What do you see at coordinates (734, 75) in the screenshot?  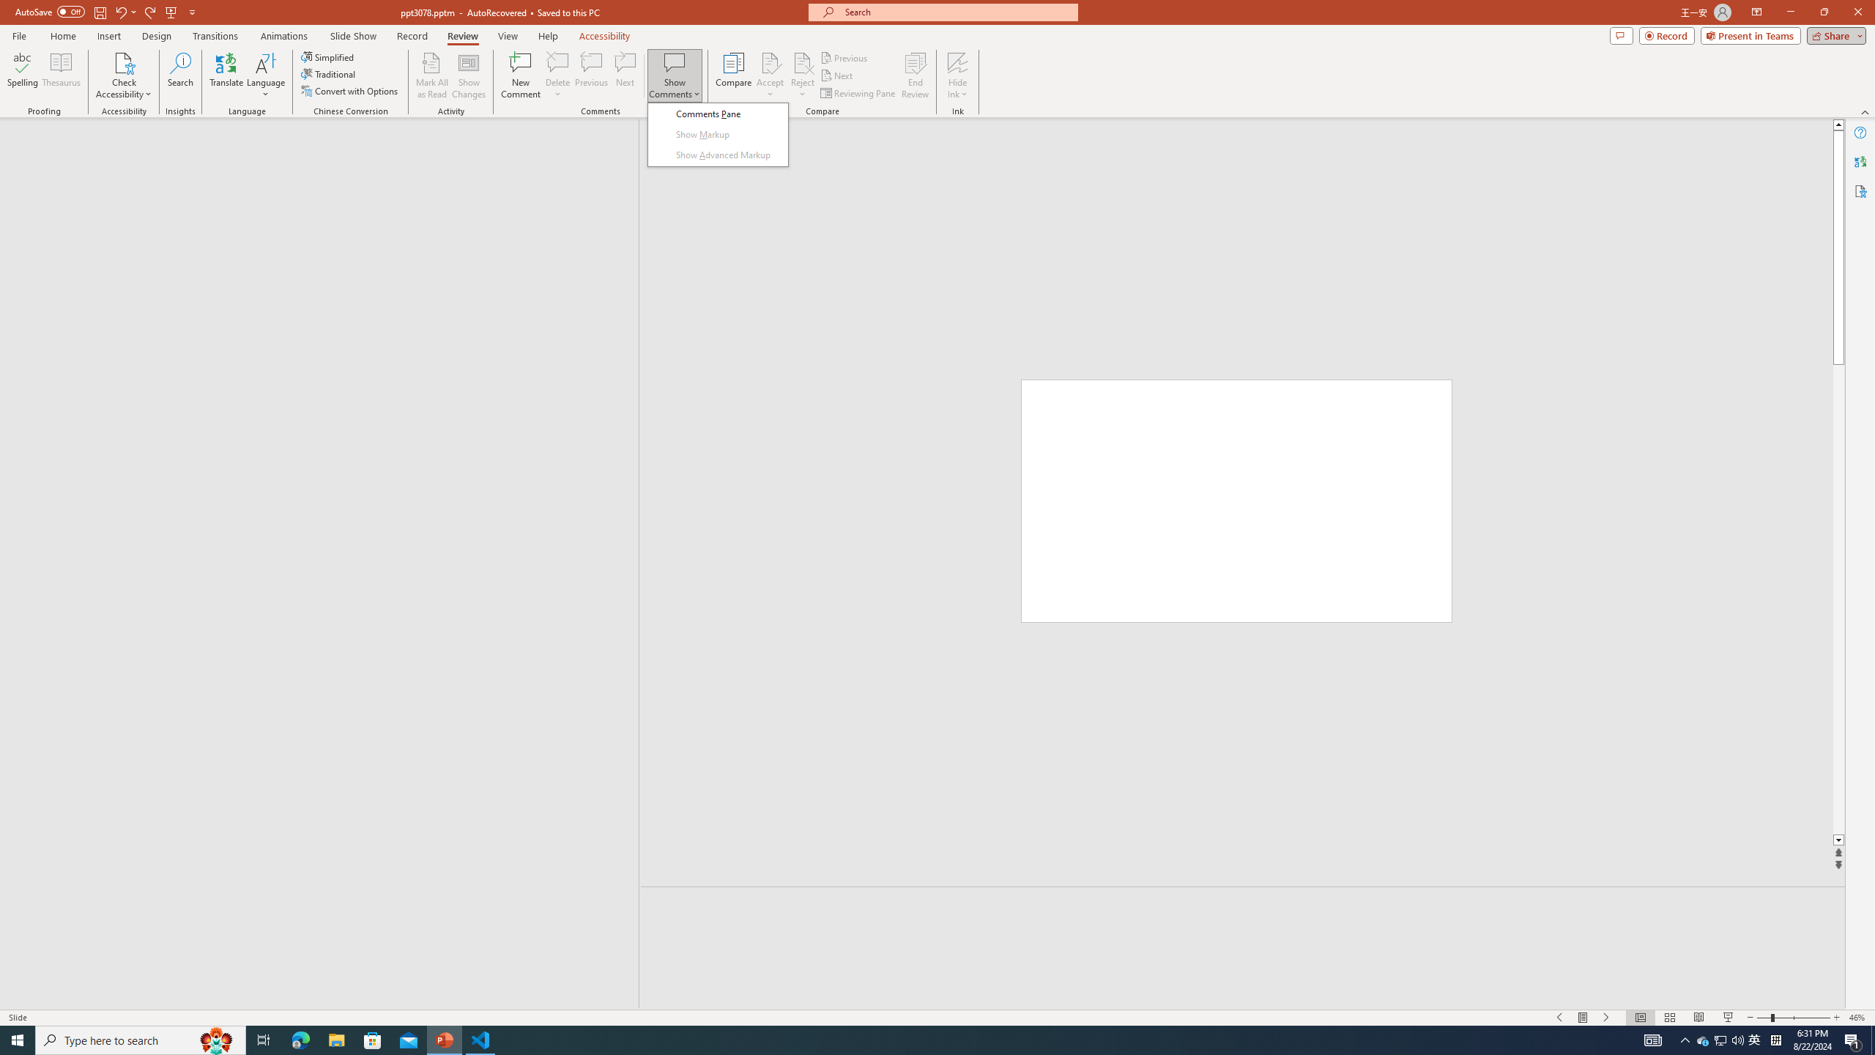 I see `'Compare'` at bounding box center [734, 75].